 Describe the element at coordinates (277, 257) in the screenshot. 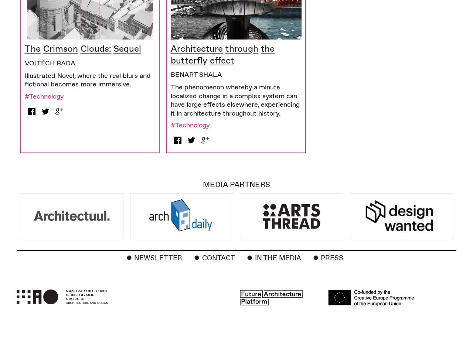

I see `'In the Media'` at that location.